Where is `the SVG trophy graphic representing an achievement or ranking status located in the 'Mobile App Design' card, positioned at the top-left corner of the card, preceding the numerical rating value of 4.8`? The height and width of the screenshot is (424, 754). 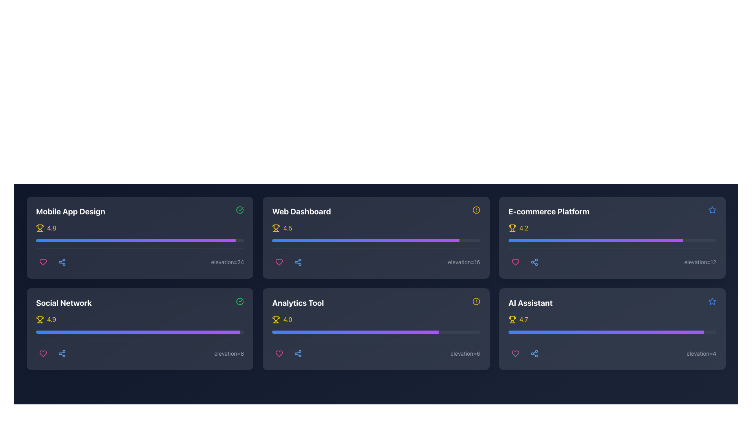 the SVG trophy graphic representing an achievement or ranking status located in the 'Mobile App Design' card, positioned at the top-left corner of the card, preceding the numerical rating value of 4.8 is located at coordinates (39, 227).